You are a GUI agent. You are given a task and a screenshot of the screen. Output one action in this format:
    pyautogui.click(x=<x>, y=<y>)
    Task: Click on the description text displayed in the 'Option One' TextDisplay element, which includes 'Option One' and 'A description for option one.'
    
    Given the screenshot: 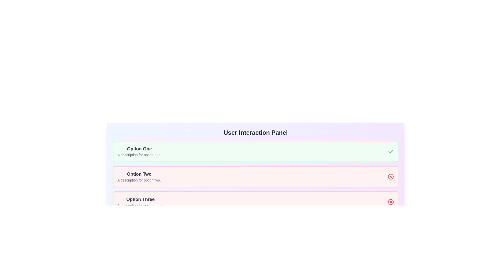 What is the action you would take?
    pyautogui.click(x=139, y=151)
    